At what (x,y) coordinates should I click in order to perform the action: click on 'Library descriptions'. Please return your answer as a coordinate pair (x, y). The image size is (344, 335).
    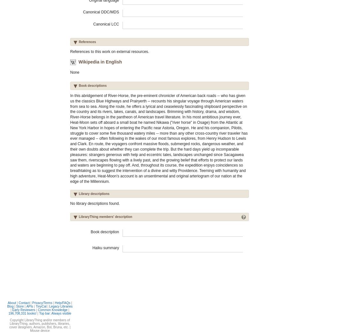
    Looking at the image, I should click on (78, 193).